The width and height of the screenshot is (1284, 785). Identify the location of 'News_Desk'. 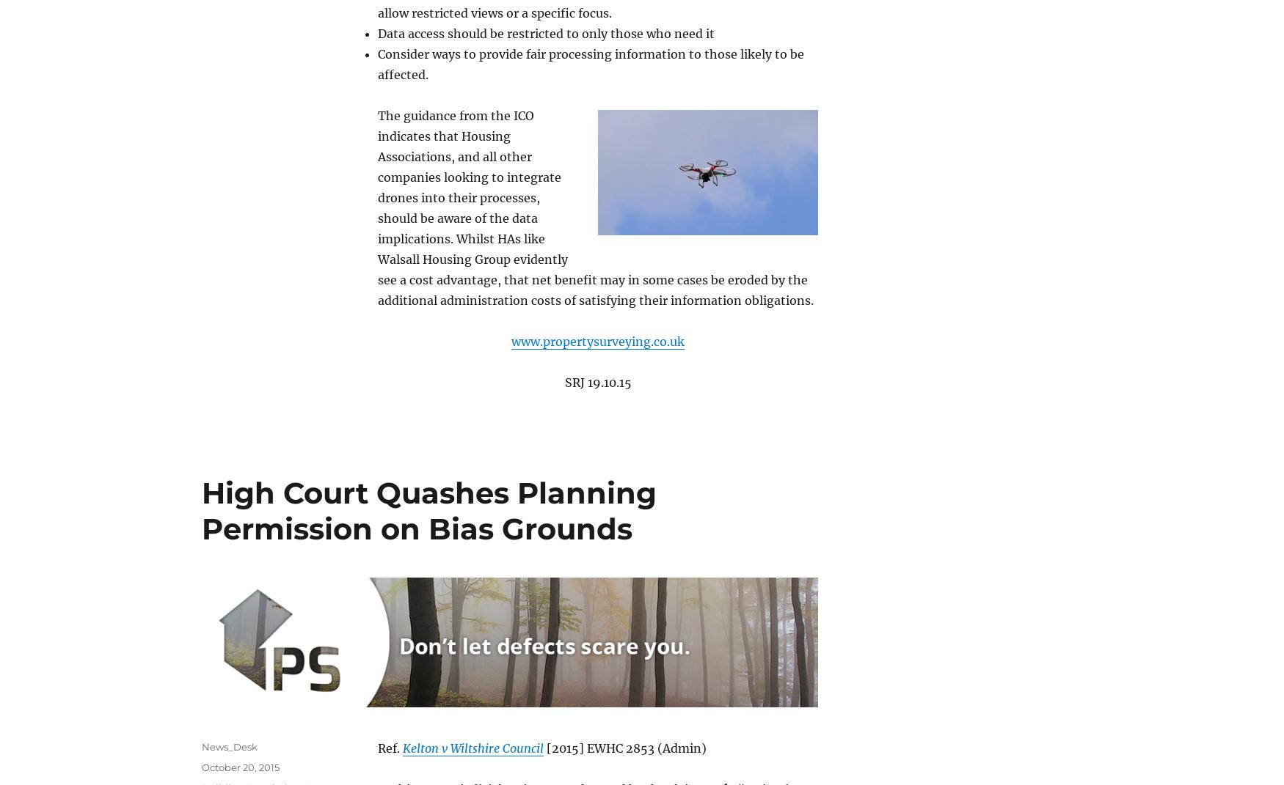
(229, 745).